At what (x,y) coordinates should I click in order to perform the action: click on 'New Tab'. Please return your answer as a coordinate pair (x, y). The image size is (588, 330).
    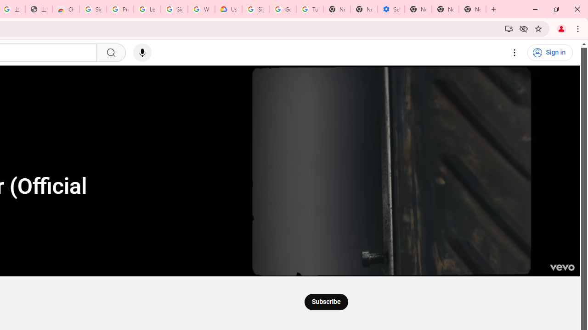
    Looking at the image, I should click on (472, 9).